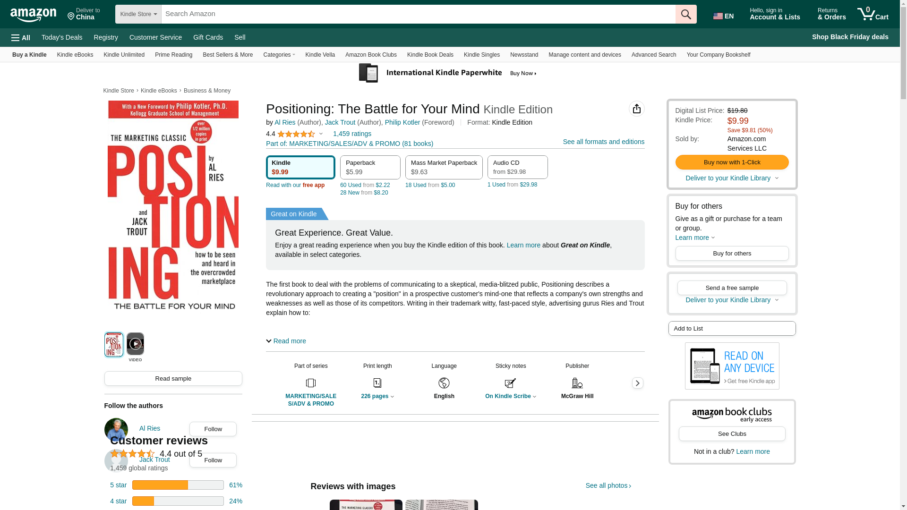 The height and width of the screenshot is (510, 907). I want to click on '24%', so click(229, 500).